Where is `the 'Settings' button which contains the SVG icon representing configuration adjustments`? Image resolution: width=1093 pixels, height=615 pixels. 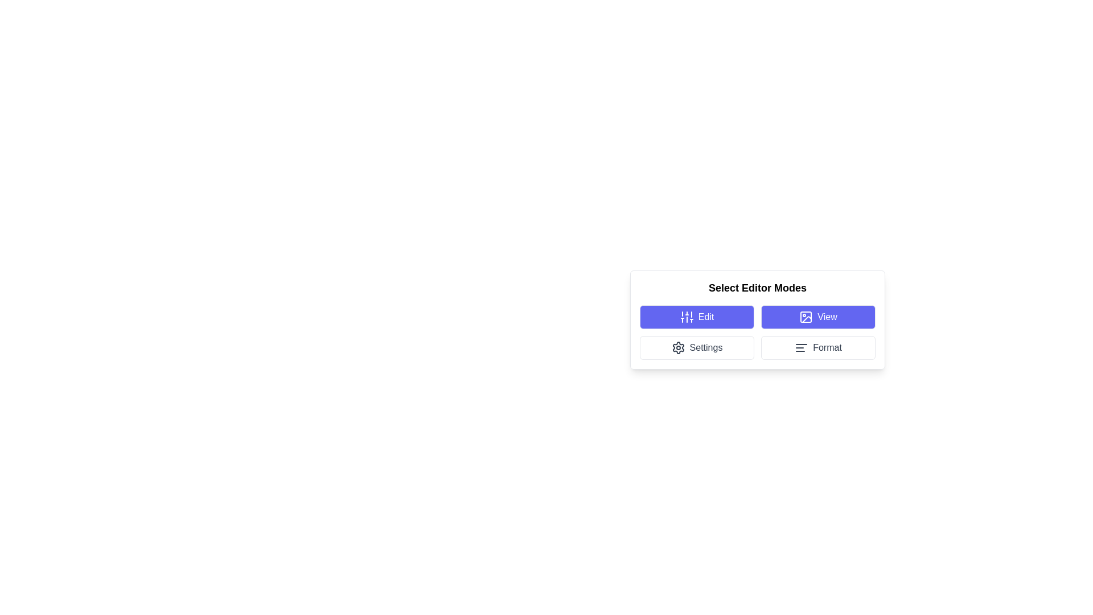 the 'Settings' button which contains the SVG icon representing configuration adjustments is located at coordinates (678, 347).